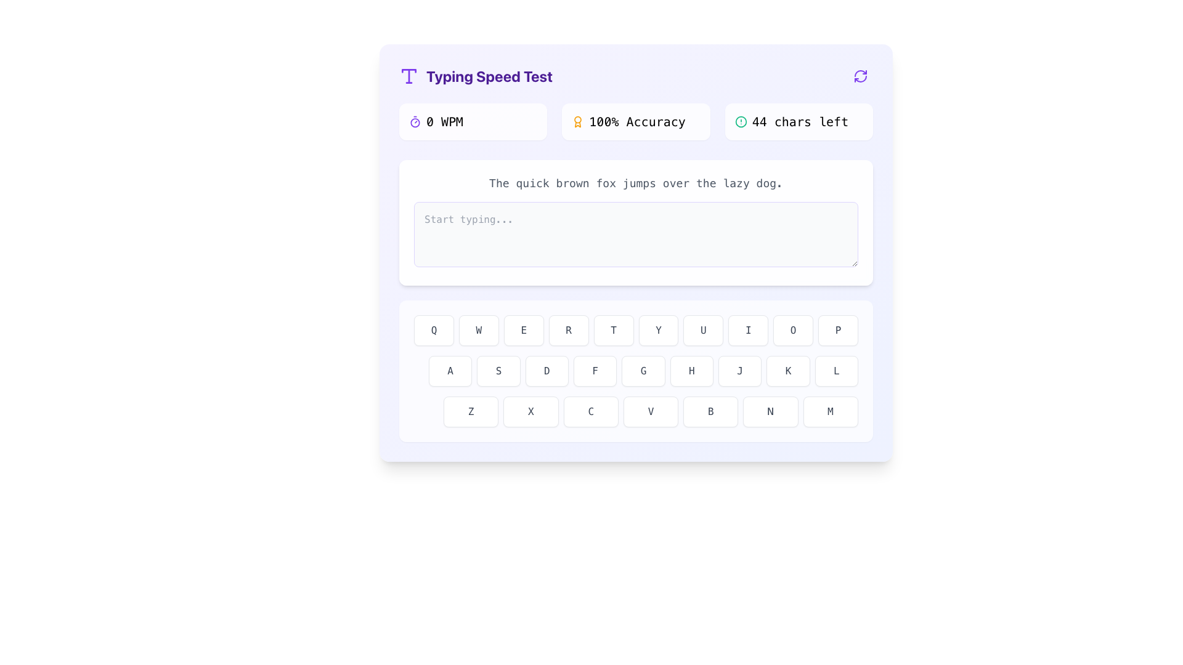  I want to click on the virtual keyboard key labeled 'O', which is the ninth button in the second row of the keyboard layout, positioned between 'I' and 'P', so click(793, 329).